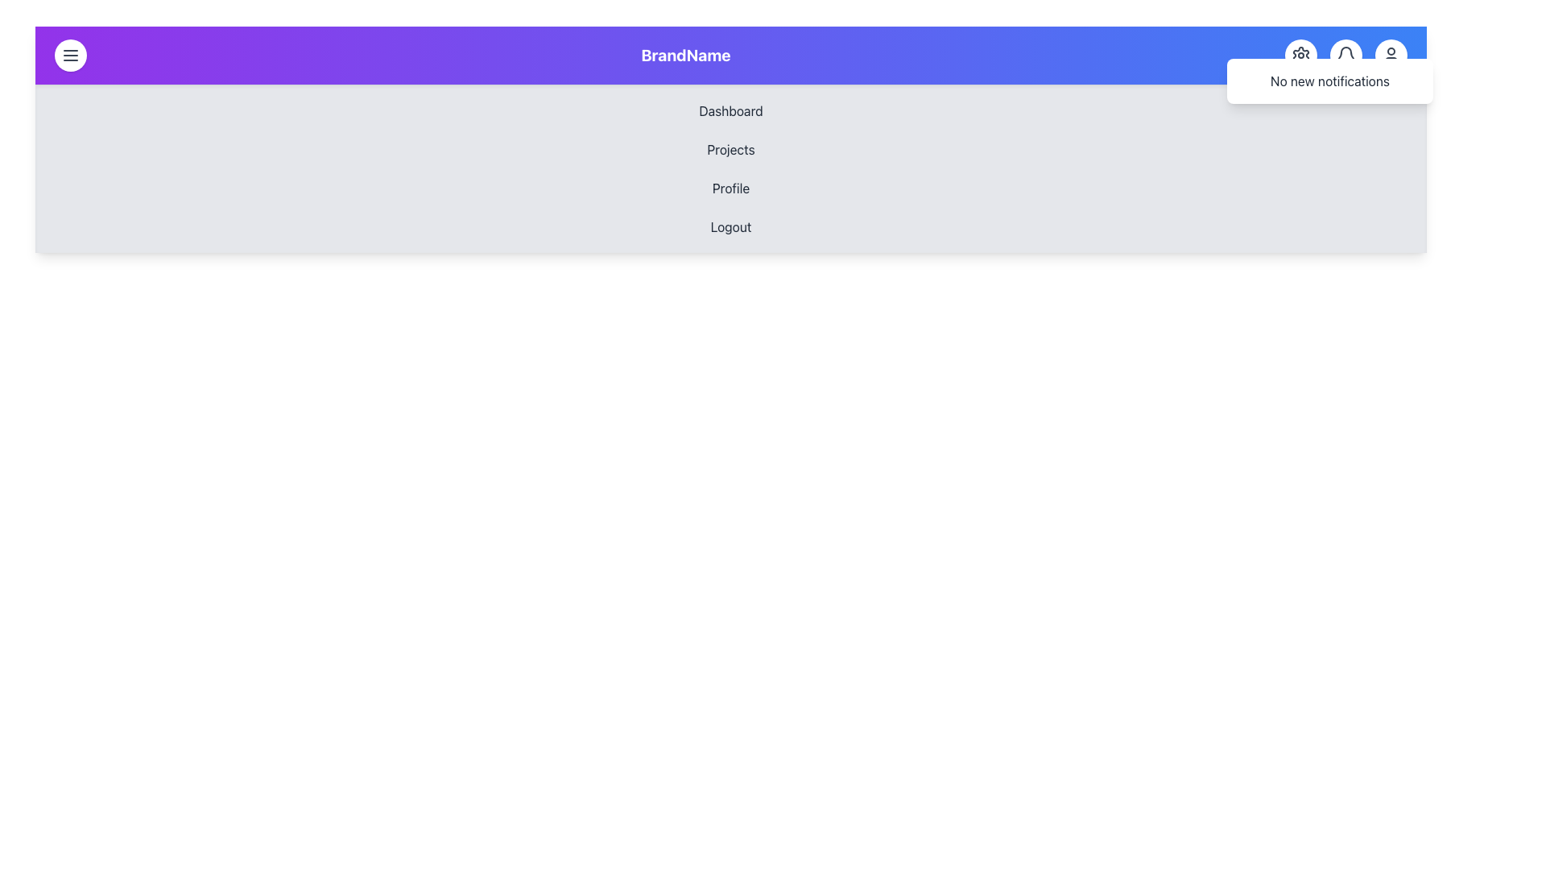  What do you see at coordinates (1346, 55) in the screenshot?
I see `the notification button located in the middle of three circular buttons at the top navigation bar` at bounding box center [1346, 55].